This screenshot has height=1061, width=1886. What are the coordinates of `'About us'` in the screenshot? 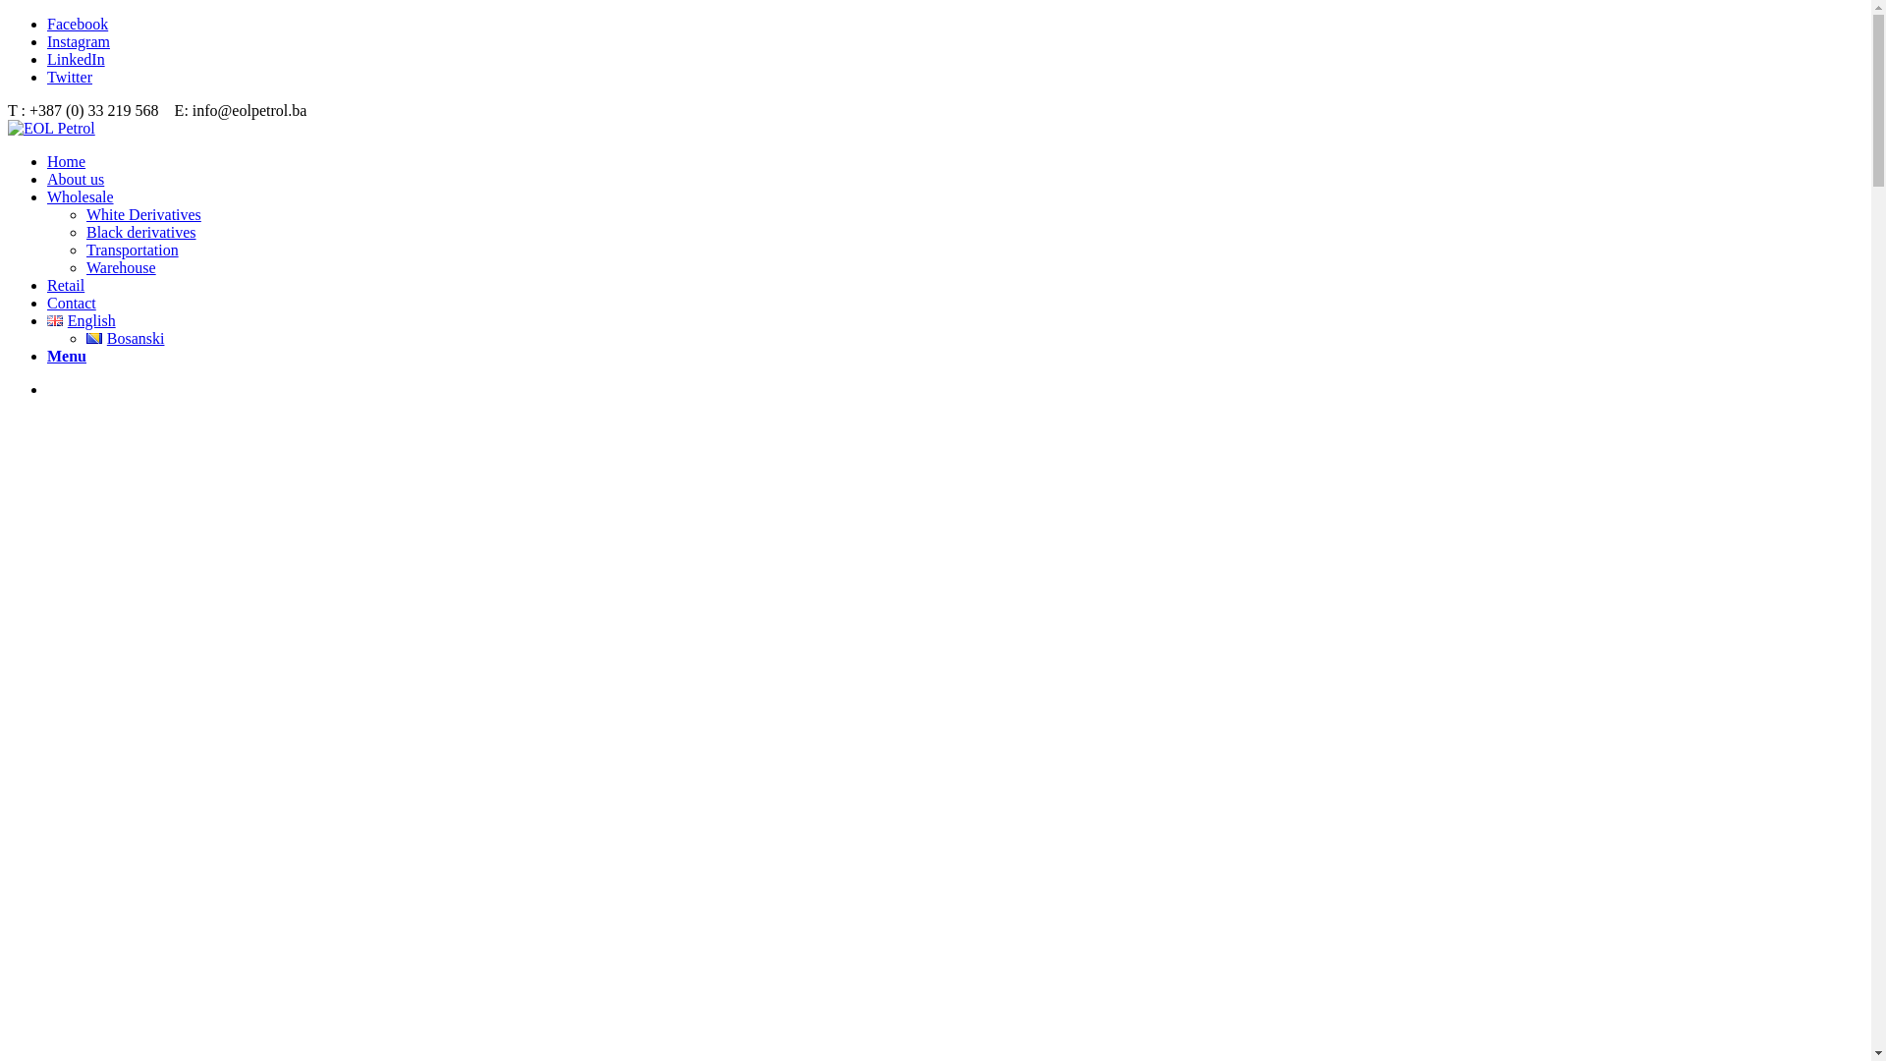 It's located at (75, 179).